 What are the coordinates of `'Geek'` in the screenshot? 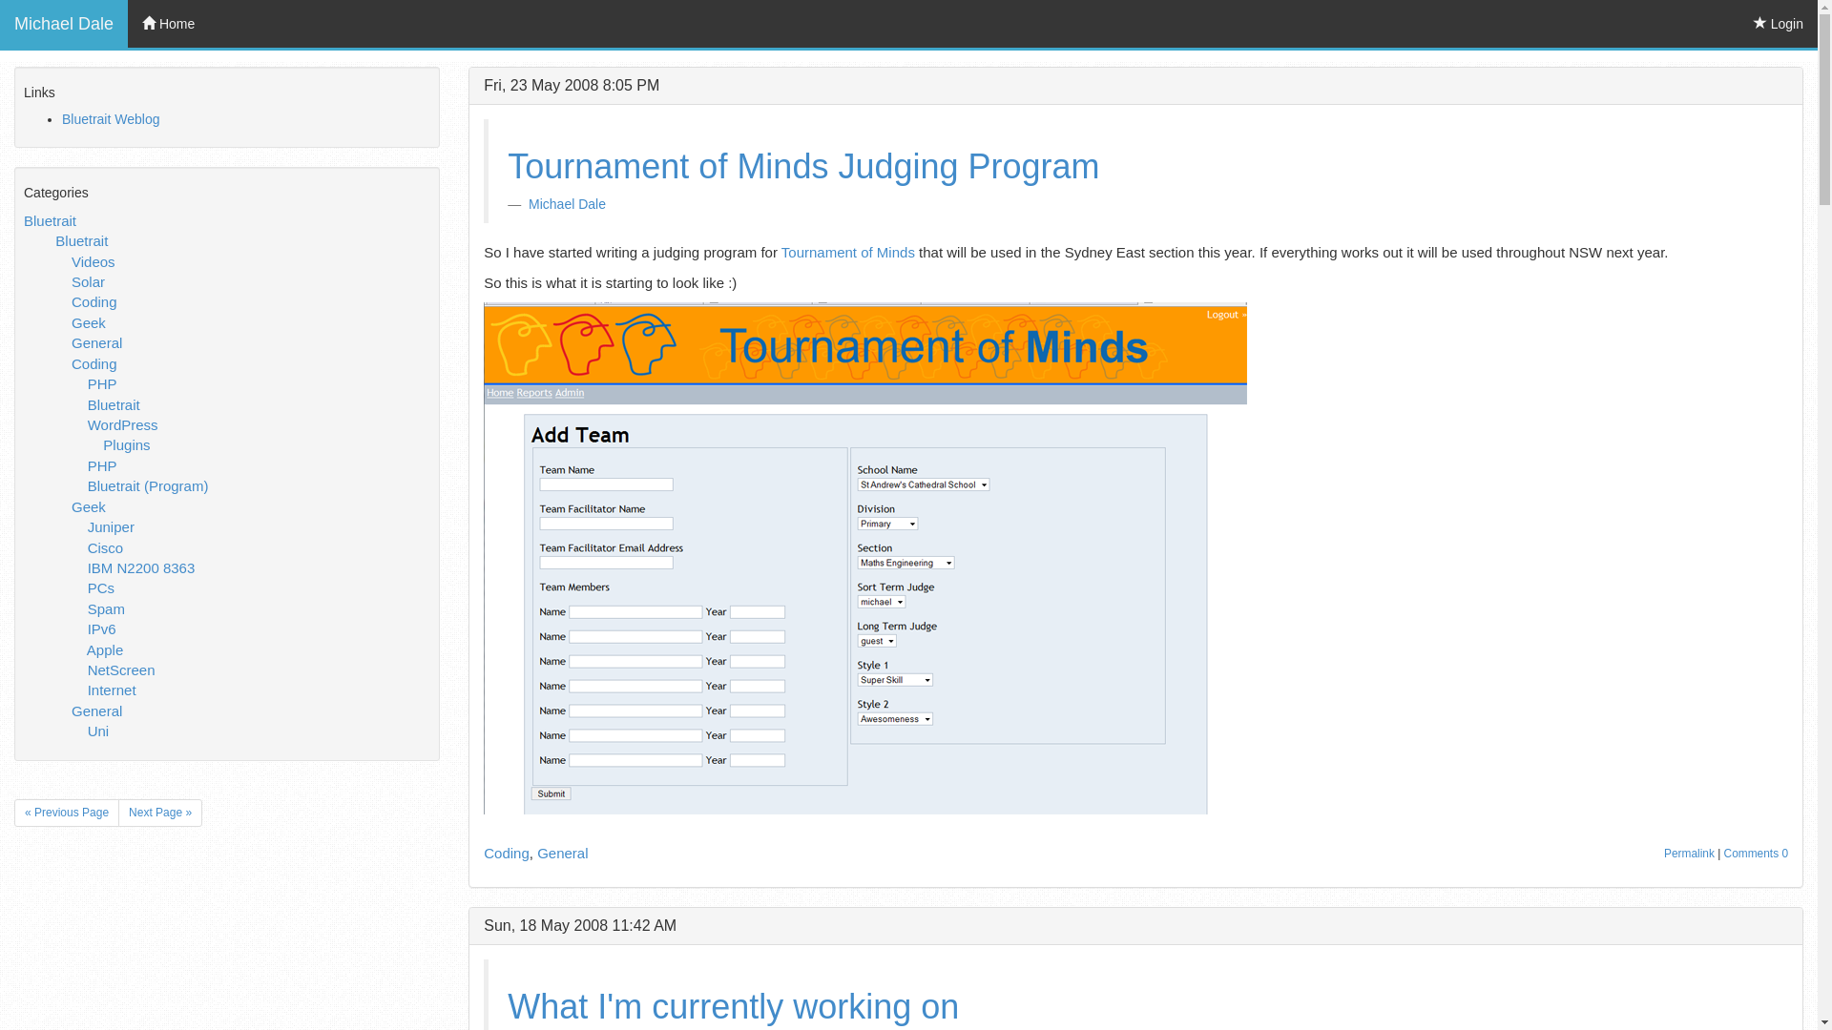 It's located at (72, 505).